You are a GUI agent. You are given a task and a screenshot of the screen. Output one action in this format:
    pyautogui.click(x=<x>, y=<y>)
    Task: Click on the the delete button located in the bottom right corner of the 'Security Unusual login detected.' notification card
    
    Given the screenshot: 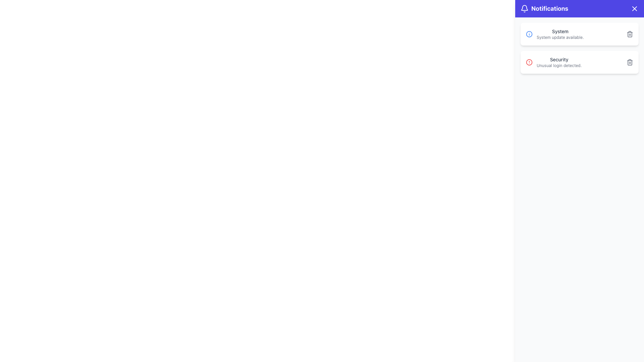 What is the action you would take?
    pyautogui.click(x=629, y=62)
    